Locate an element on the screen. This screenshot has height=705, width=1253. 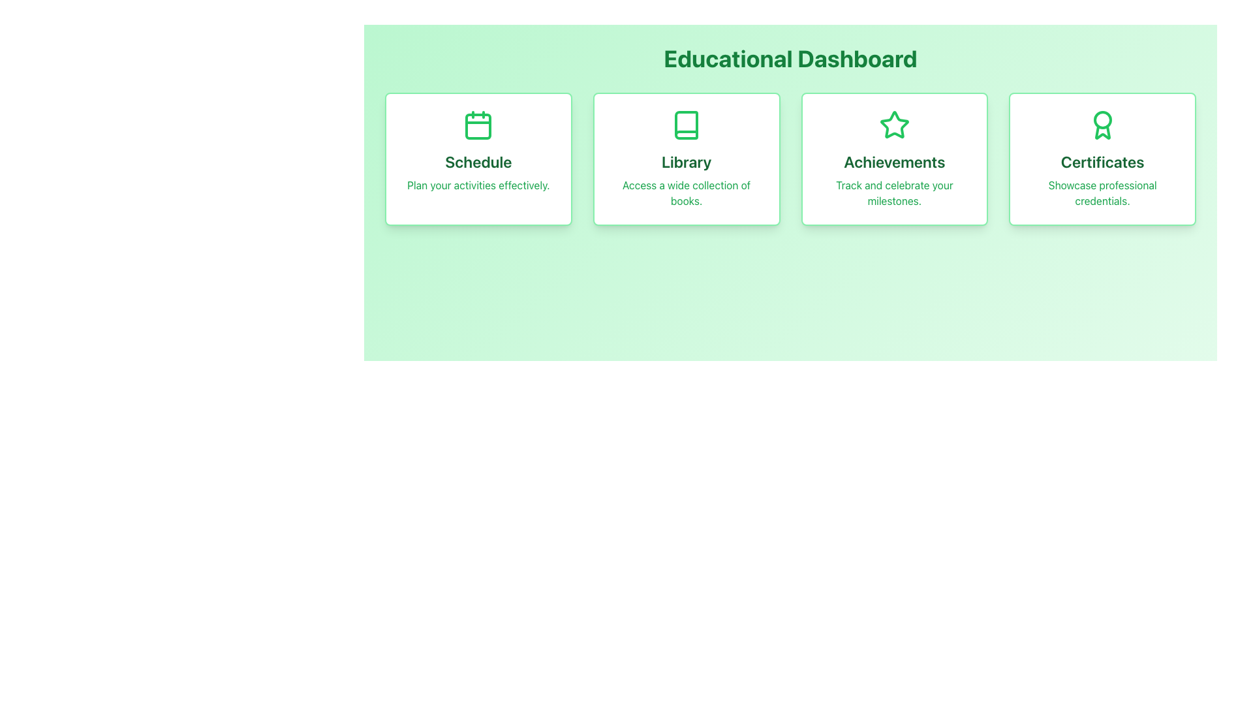
the star-shaped icon with a green border located centrally in the second 'Achievements' card under the 'Educational Dashboard' section is located at coordinates (893, 125).